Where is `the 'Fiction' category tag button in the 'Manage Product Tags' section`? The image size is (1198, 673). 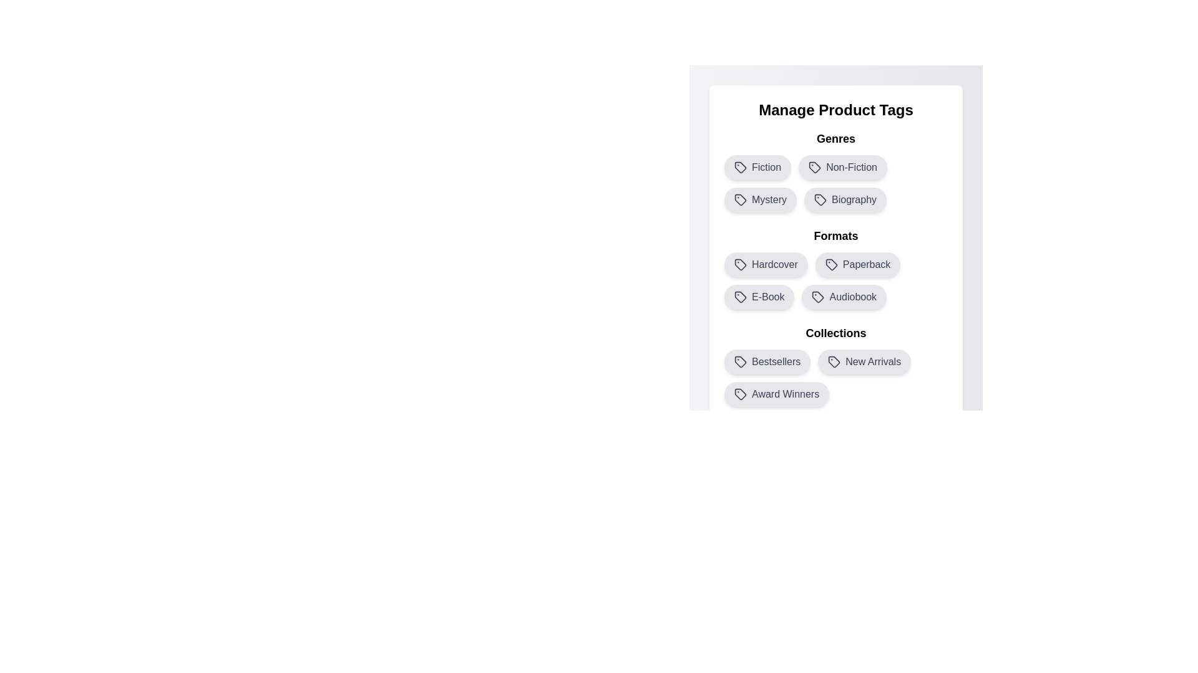
the 'Fiction' category tag button in the 'Manage Product Tags' section is located at coordinates (757, 167).